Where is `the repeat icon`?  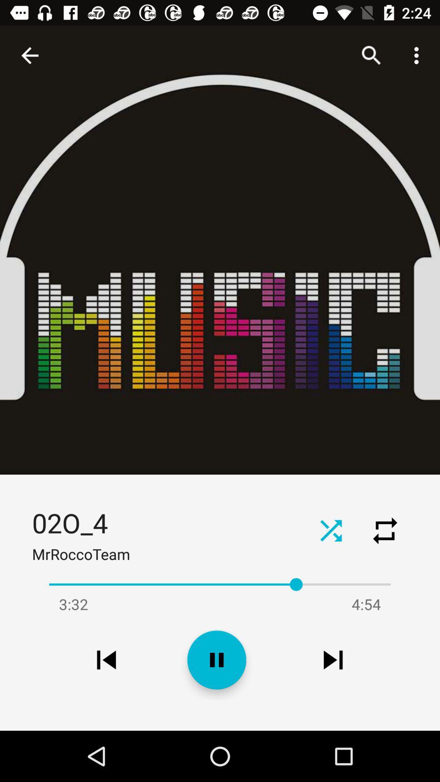
the repeat icon is located at coordinates (382, 530).